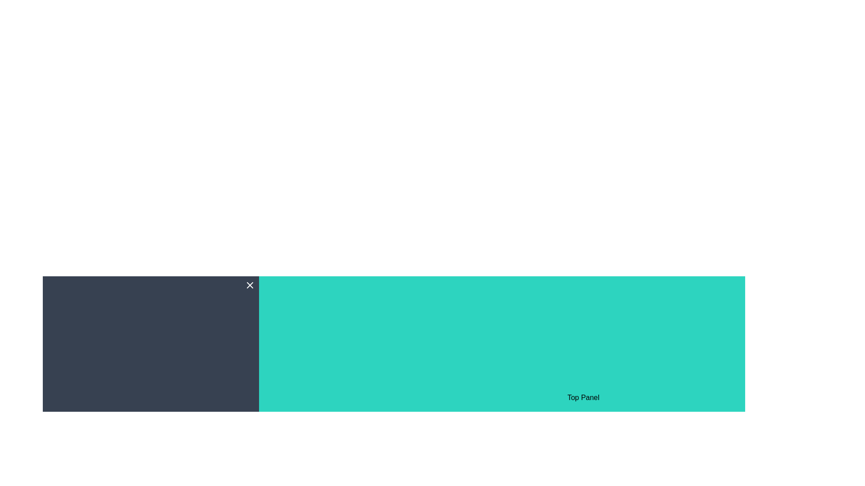  Describe the element at coordinates (250, 285) in the screenshot. I see `the close icon represented by a diagonal cross symbol located near the top-right corner of the dark rectangular section` at that location.